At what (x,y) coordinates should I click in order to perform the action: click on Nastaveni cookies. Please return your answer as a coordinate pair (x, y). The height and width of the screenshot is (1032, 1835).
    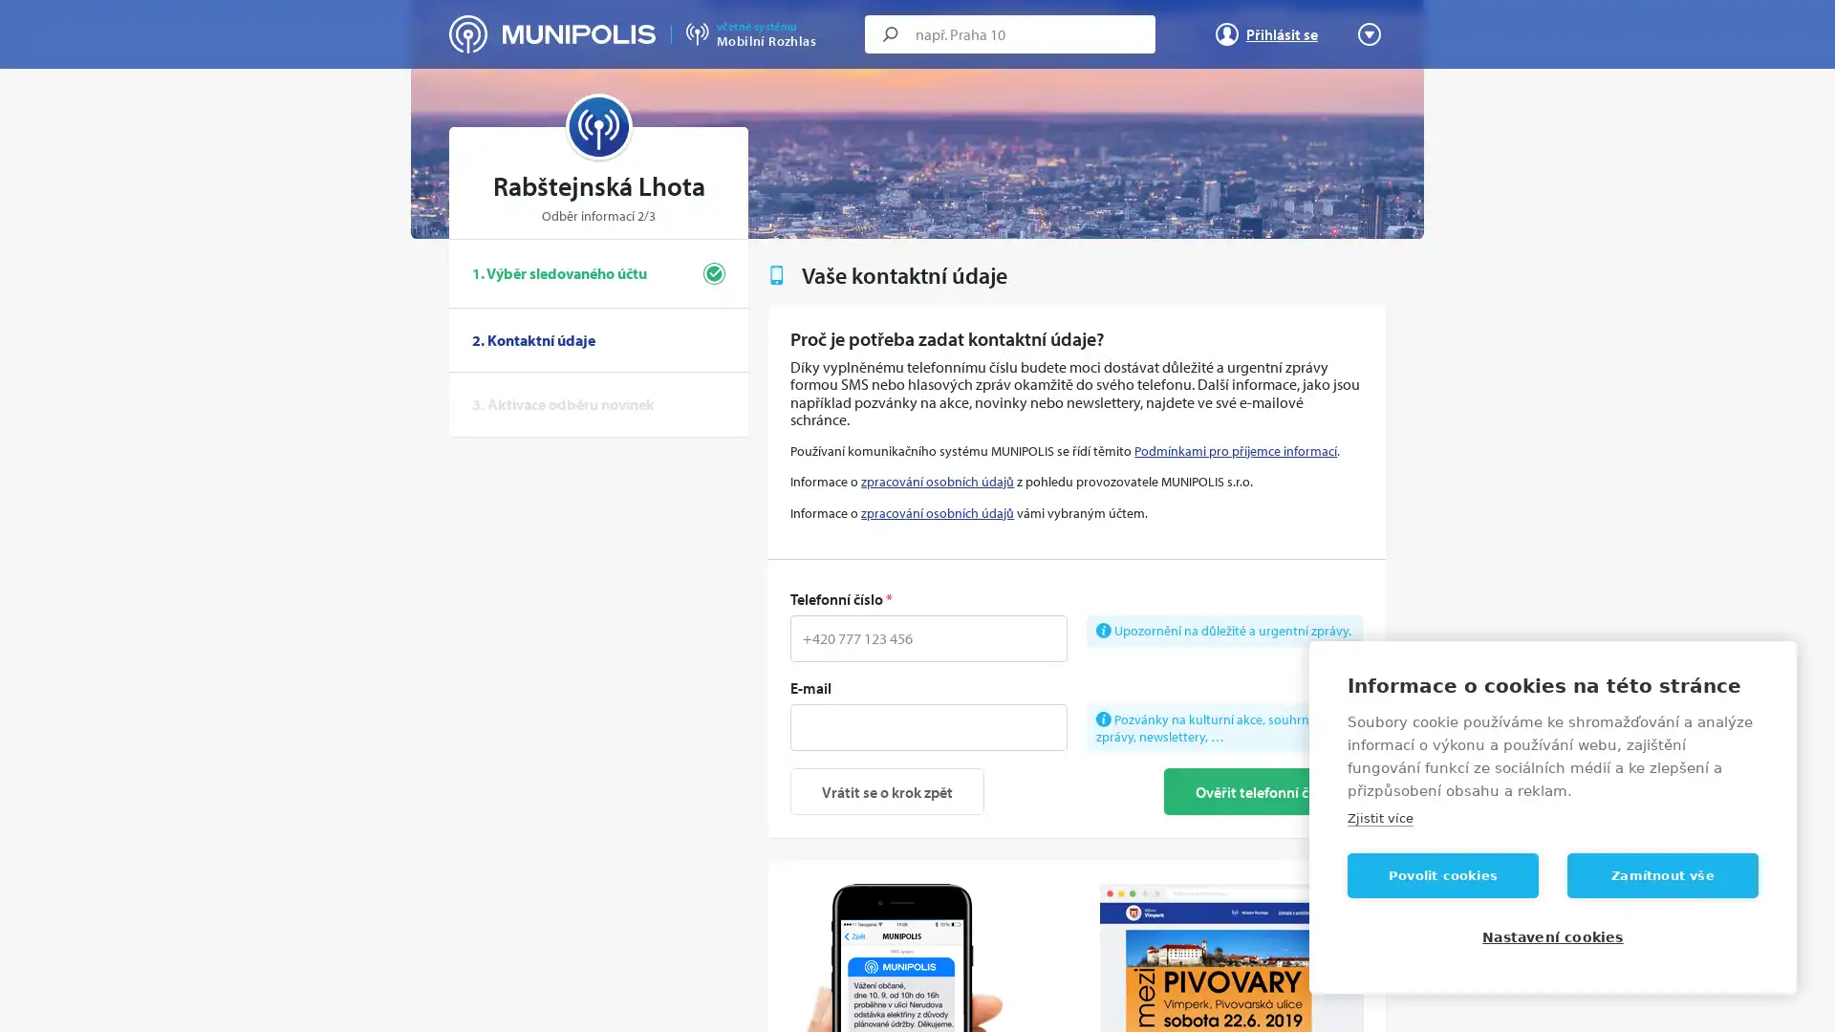
    Looking at the image, I should click on (1553, 936).